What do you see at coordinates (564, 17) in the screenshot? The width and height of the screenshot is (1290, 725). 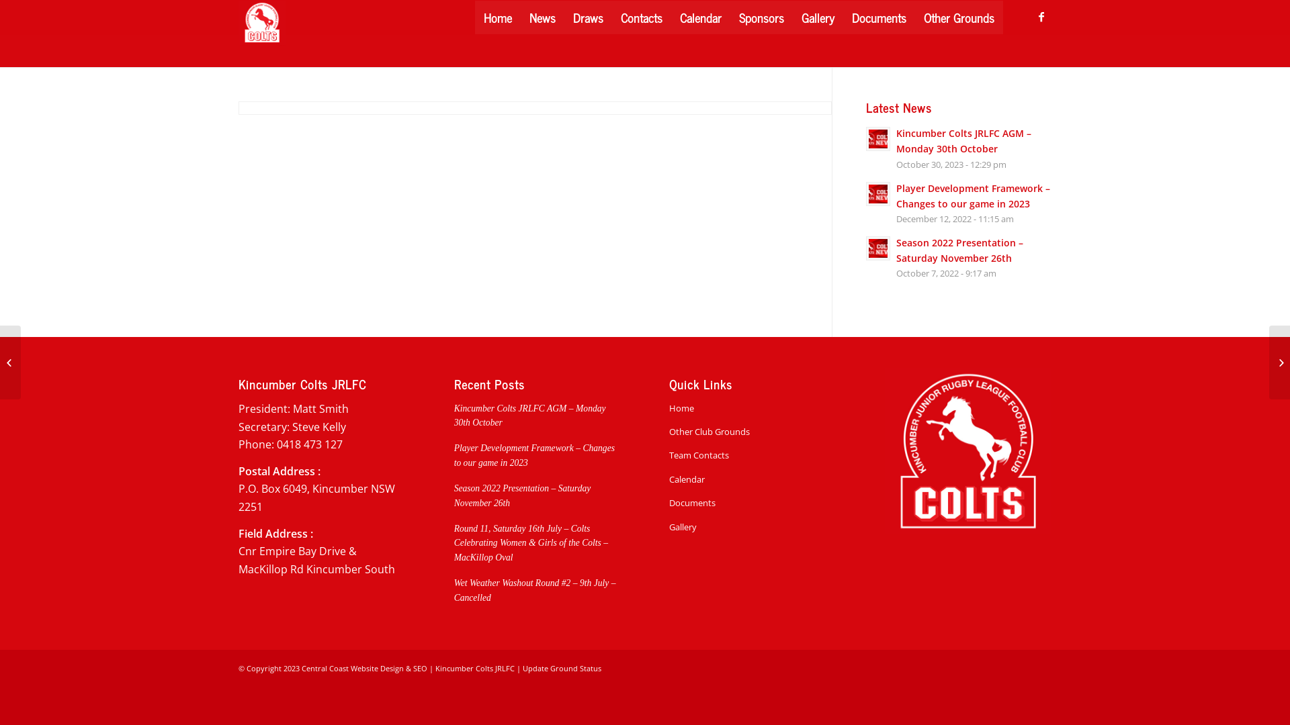 I see `'Draws'` at bounding box center [564, 17].